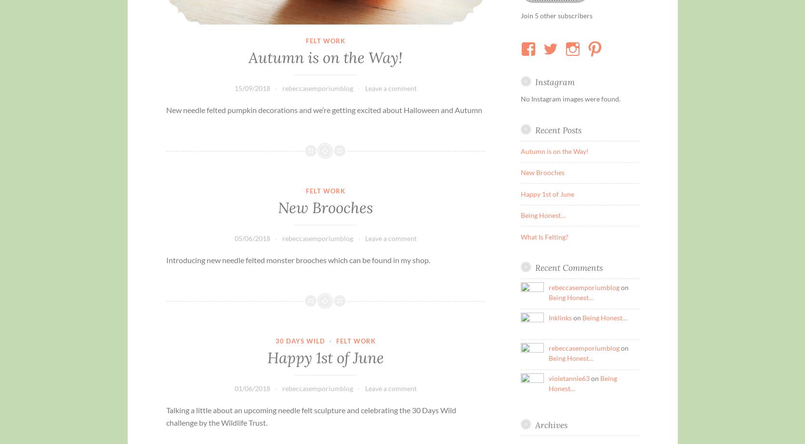  Describe the element at coordinates (558, 129) in the screenshot. I see `'Recent Posts'` at that location.